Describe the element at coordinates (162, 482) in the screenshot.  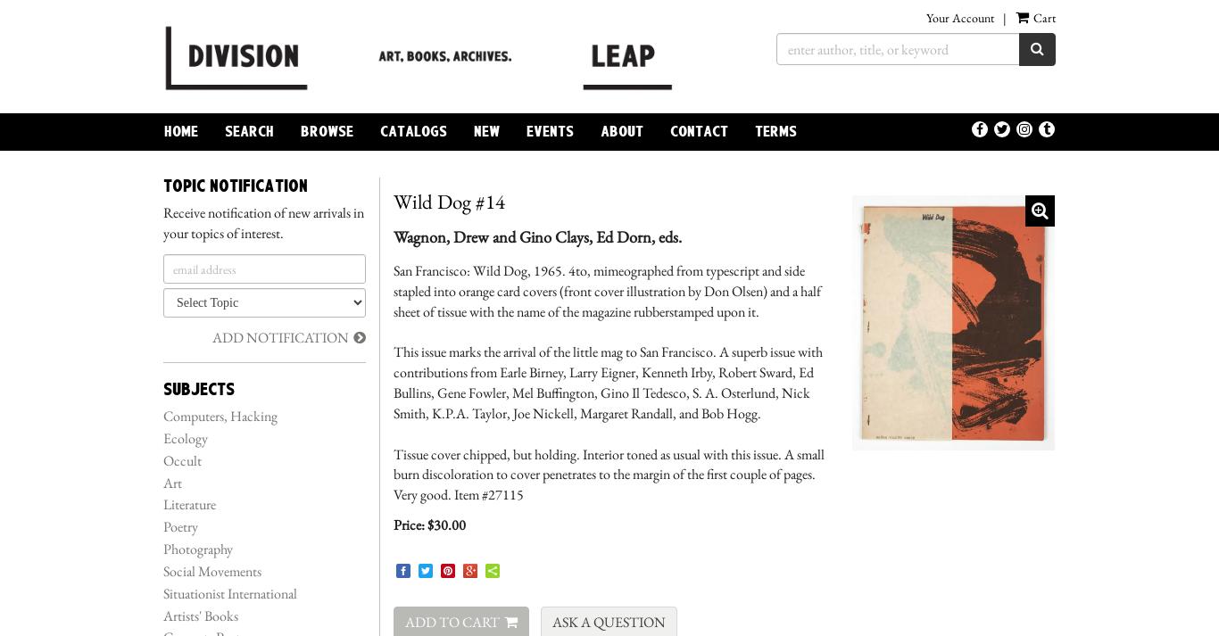
I see `'Art'` at that location.